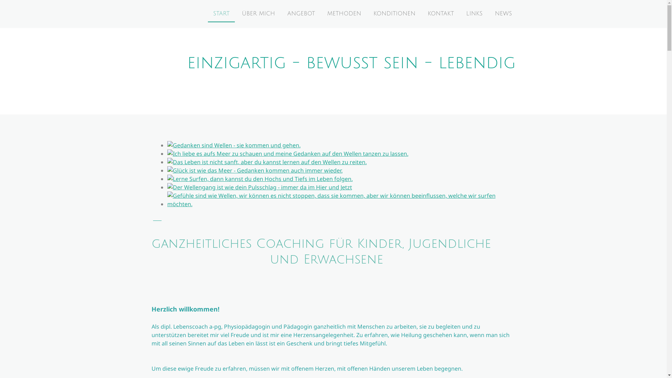 Image resolution: width=672 pixels, height=378 pixels. Describe the element at coordinates (351, 66) in the screenshot. I see `'einzigartig - bewusst sein - lebendig'` at that location.